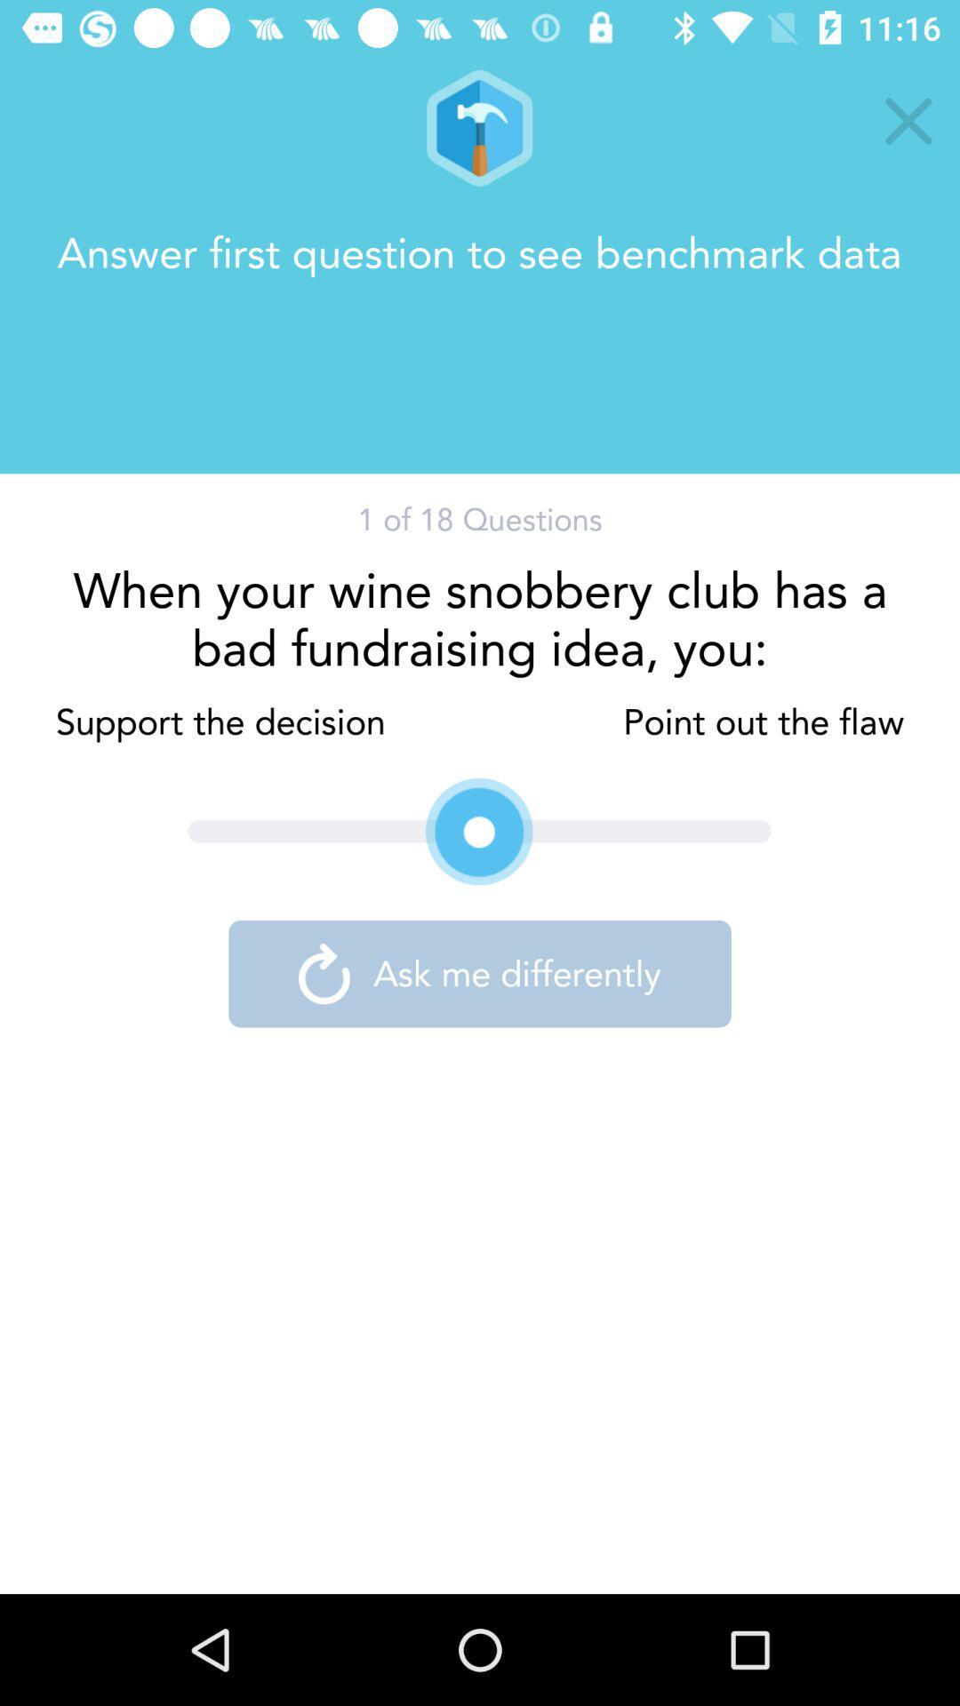 The height and width of the screenshot is (1706, 960). I want to click on close, so click(908, 120).